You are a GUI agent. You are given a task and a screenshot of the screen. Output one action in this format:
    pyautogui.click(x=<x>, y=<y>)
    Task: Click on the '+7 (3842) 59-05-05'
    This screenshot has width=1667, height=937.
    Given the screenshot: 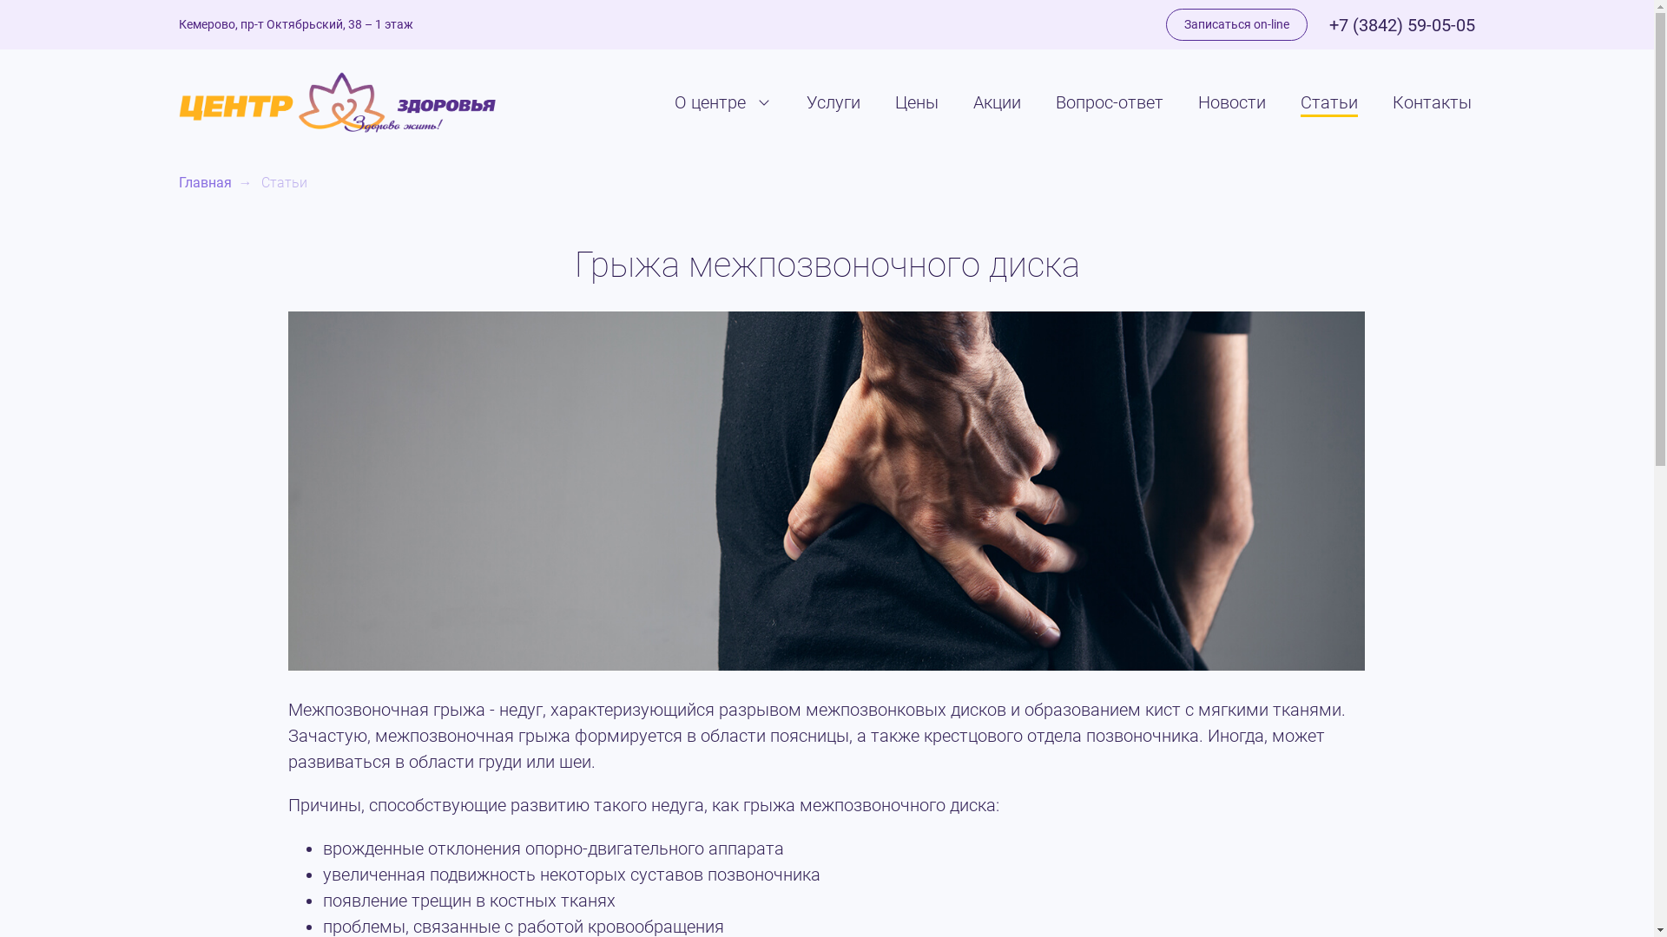 What is the action you would take?
    pyautogui.click(x=1328, y=25)
    